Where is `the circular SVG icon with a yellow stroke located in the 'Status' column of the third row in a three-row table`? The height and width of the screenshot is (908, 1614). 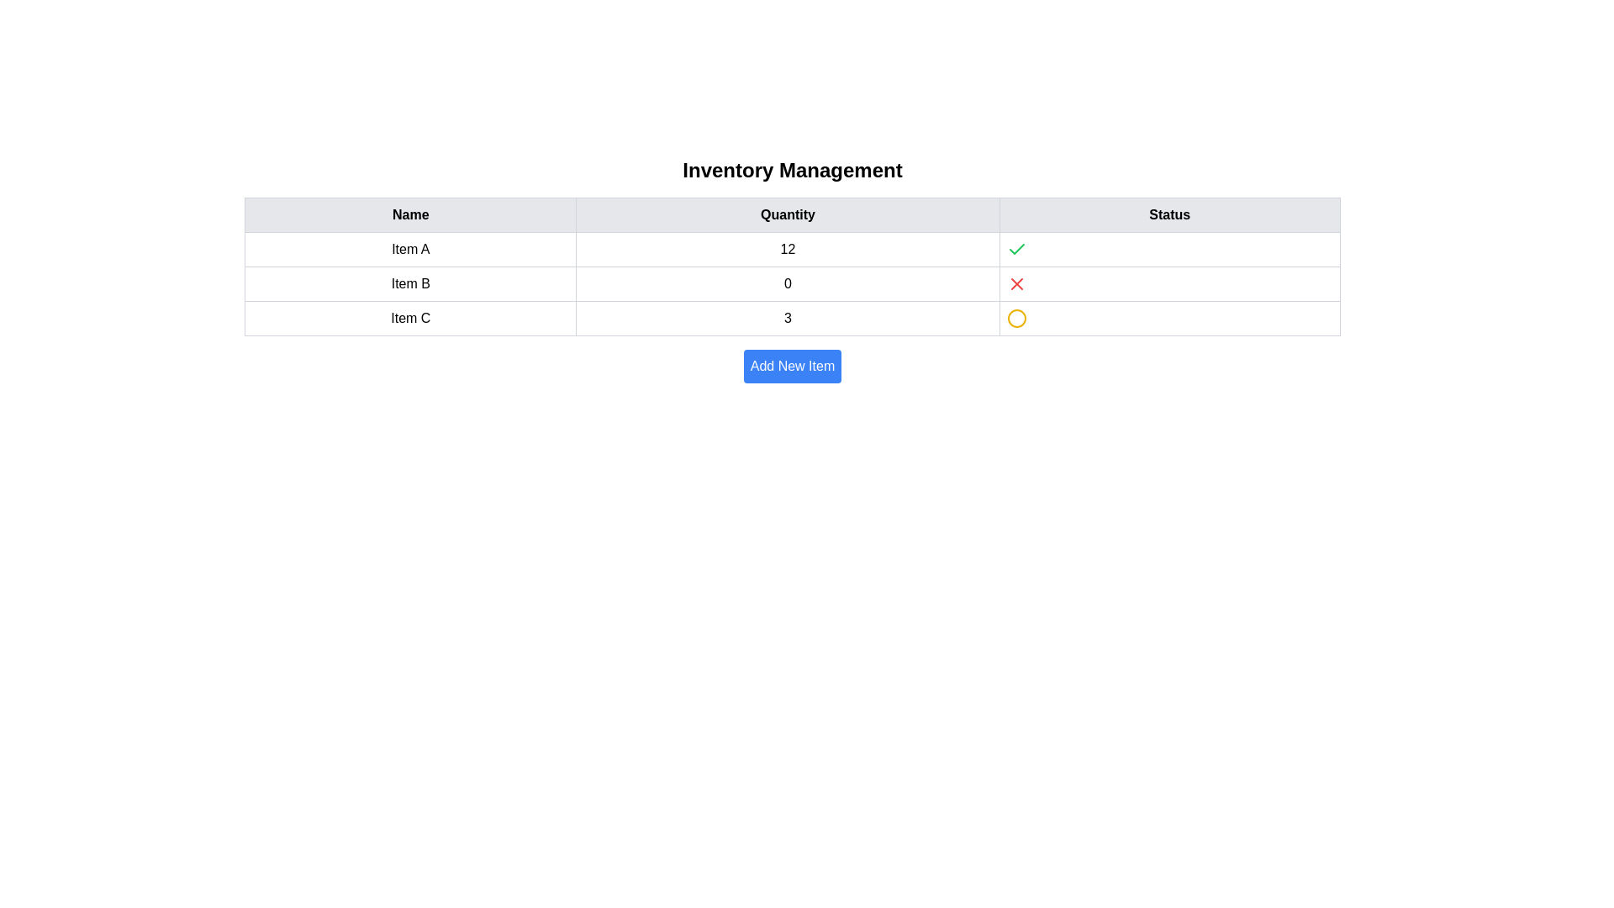 the circular SVG icon with a yellow stroke located in the 'Status' column of the third row in a three-row table is located at coordinates (1015, 318).